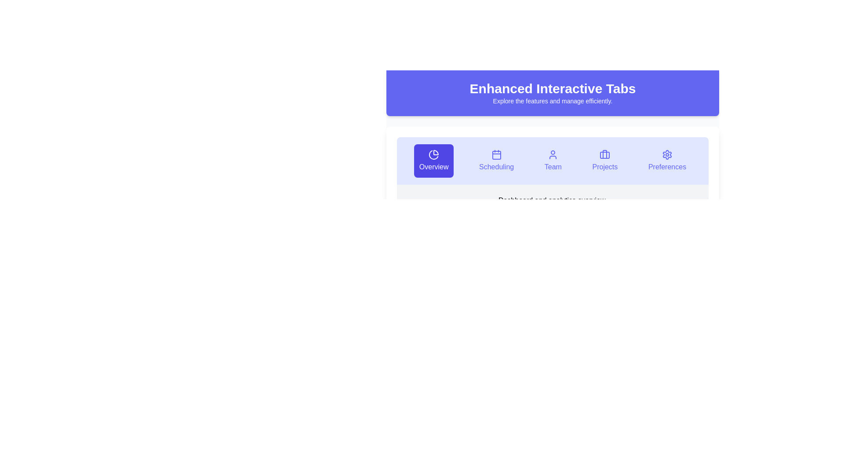 This screenshot has width=844, height=475. What do you see at coordinates (604, 155) in the screenshot?
I see `the rectangular graphical UI component representing the 'Projects' section in the navigation interface, identified by its suitcase icon` at bounding box center [604, 155].